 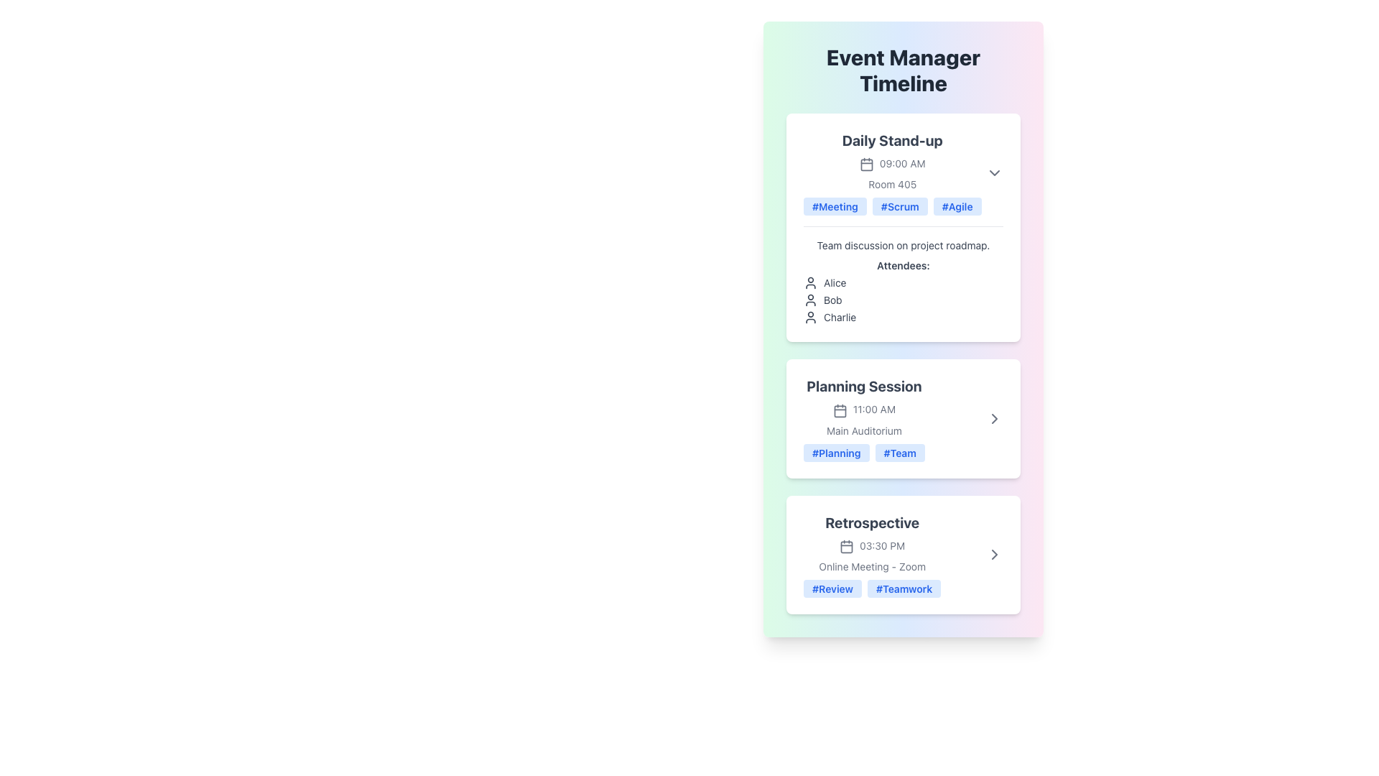 What do you see at coordinates (899, 206) in the screenshot?
I see `the second label 'Scrum' in the 'Daily Stand-up' section, positioned between '#Meeting' and '#Agile'` at bounding box center [899, 206].